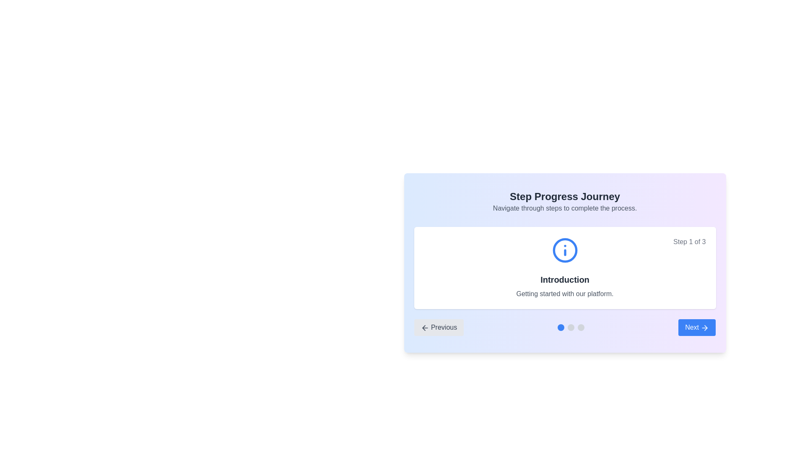 This screenshot has width=805, height=453. I want to click on the heading element located at the center of the progress journey section, so click(565, 280).